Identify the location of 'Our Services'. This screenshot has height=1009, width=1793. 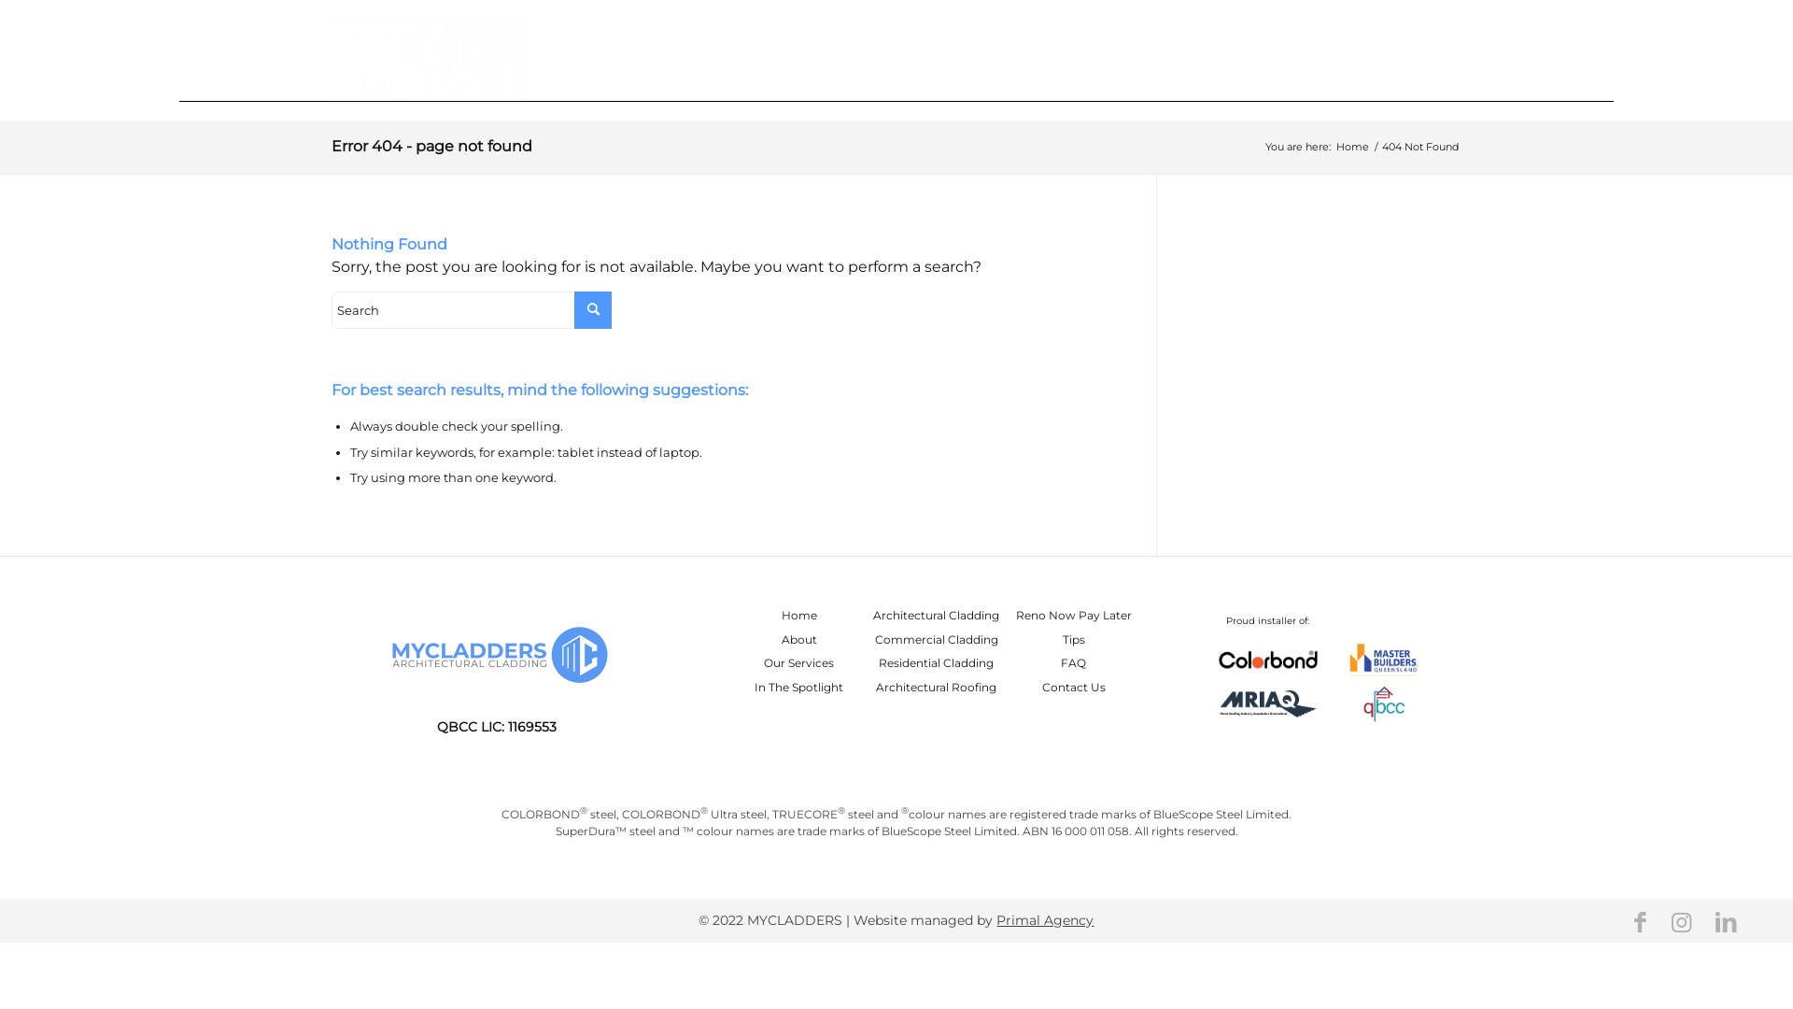
(1232, 55).